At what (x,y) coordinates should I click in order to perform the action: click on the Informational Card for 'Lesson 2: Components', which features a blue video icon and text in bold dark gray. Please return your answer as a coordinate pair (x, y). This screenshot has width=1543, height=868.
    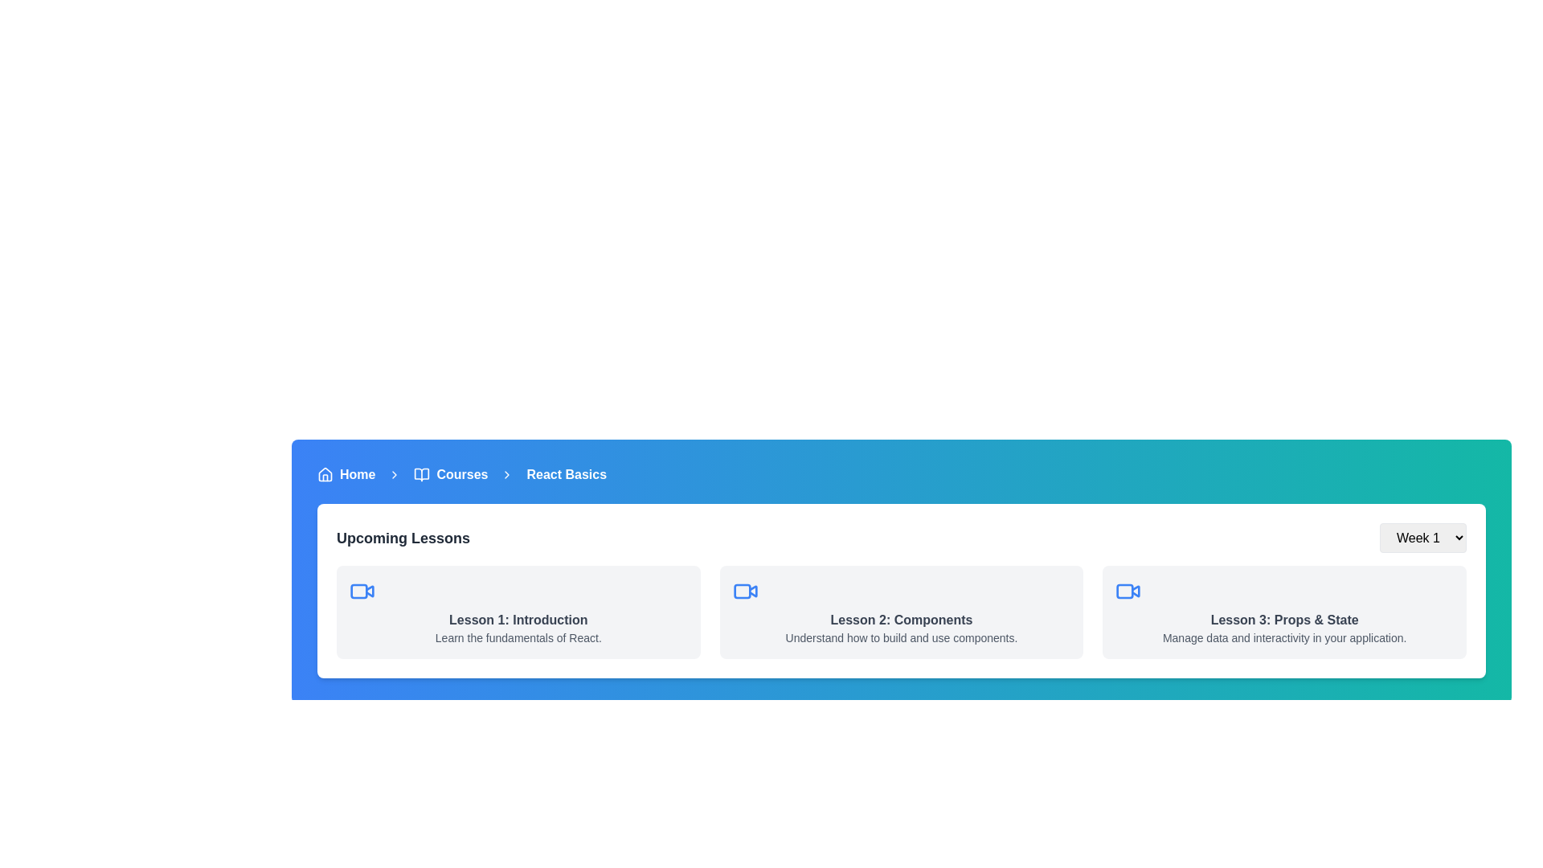
    Looking at the image, I should click on (902, 612).